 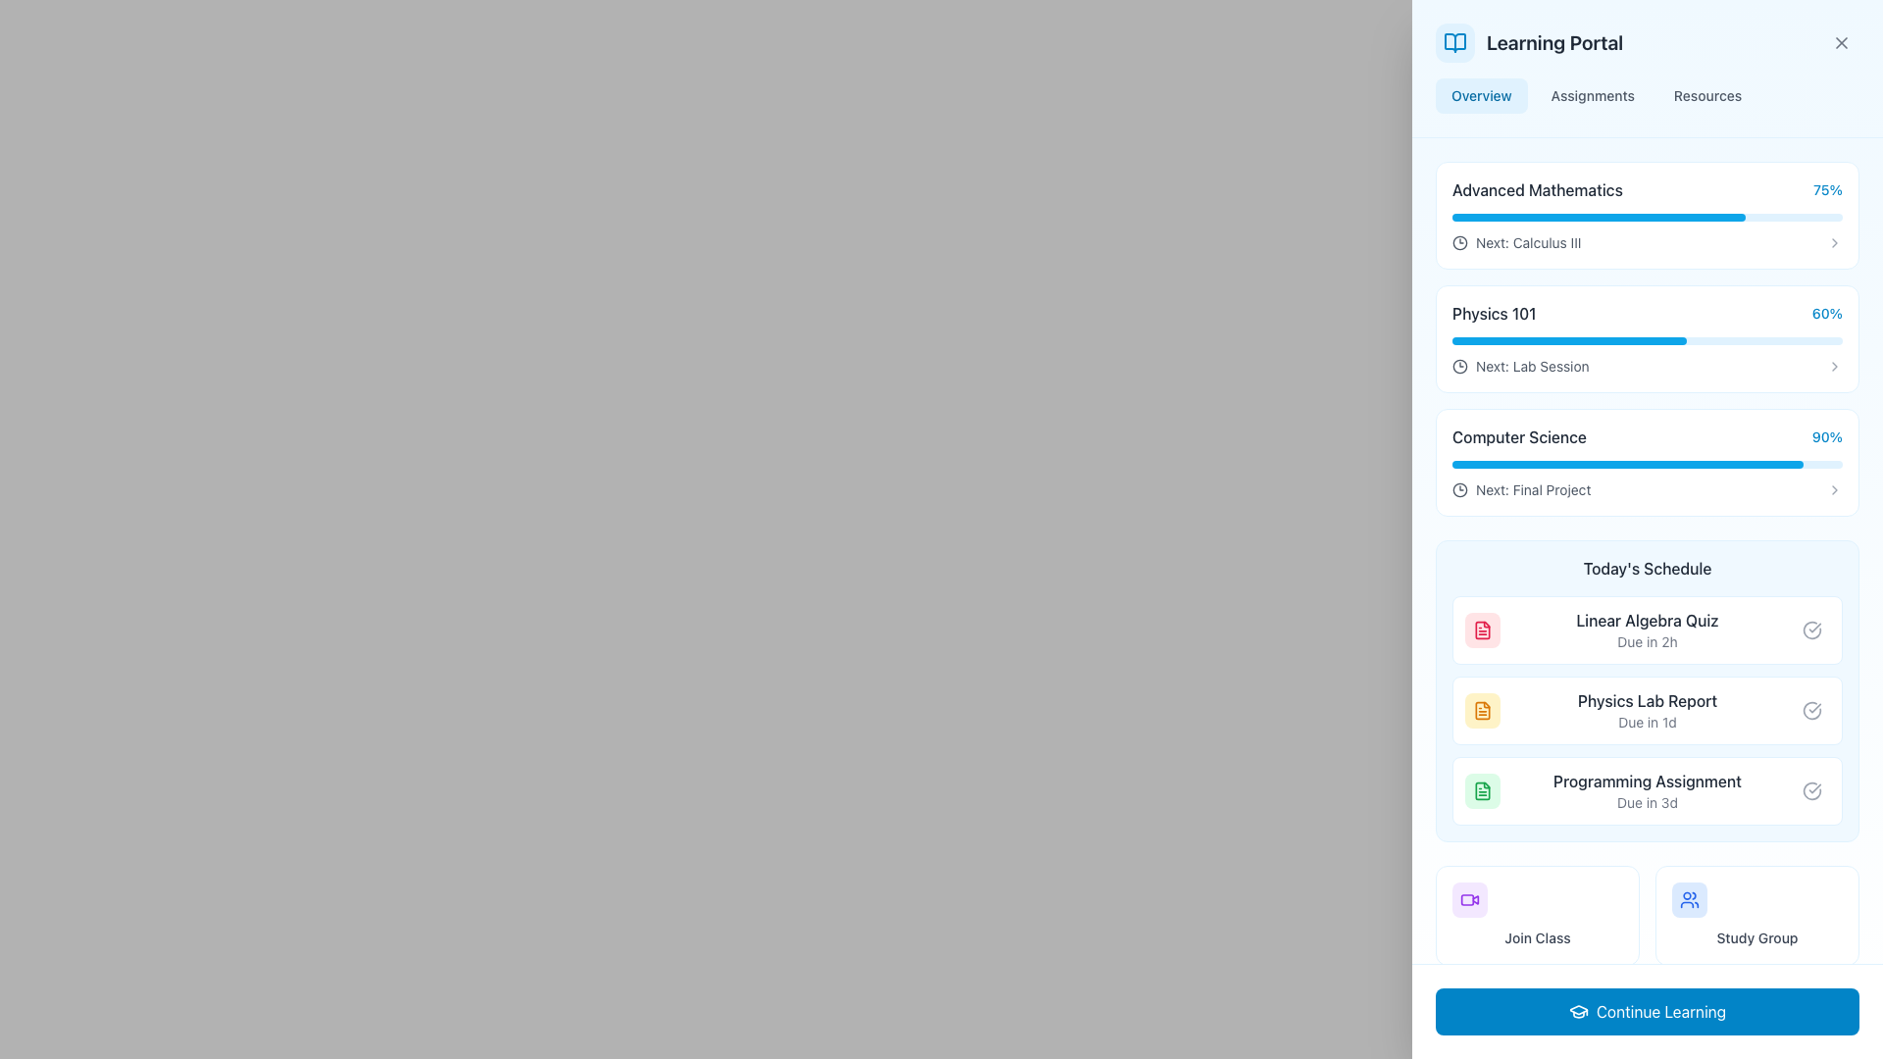 I want to click on the topmost card, so click(x=1648, y=215).